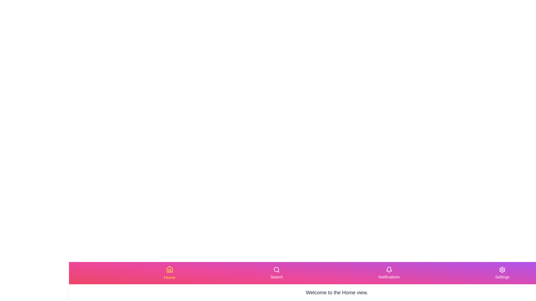 The height and width of the screenshot is (301, 536). I want to click on the Settings tab in the navigation bar, so click(502, 273).